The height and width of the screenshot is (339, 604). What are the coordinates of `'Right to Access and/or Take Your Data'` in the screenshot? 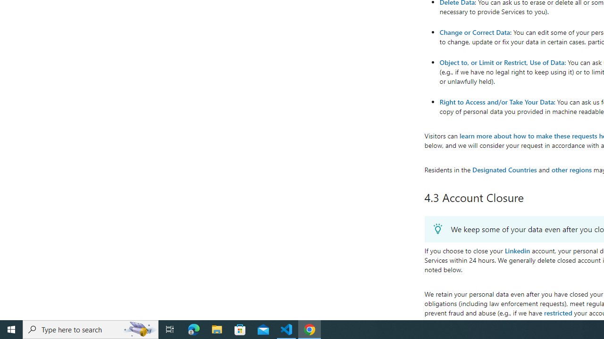 It's located at (496, 102).